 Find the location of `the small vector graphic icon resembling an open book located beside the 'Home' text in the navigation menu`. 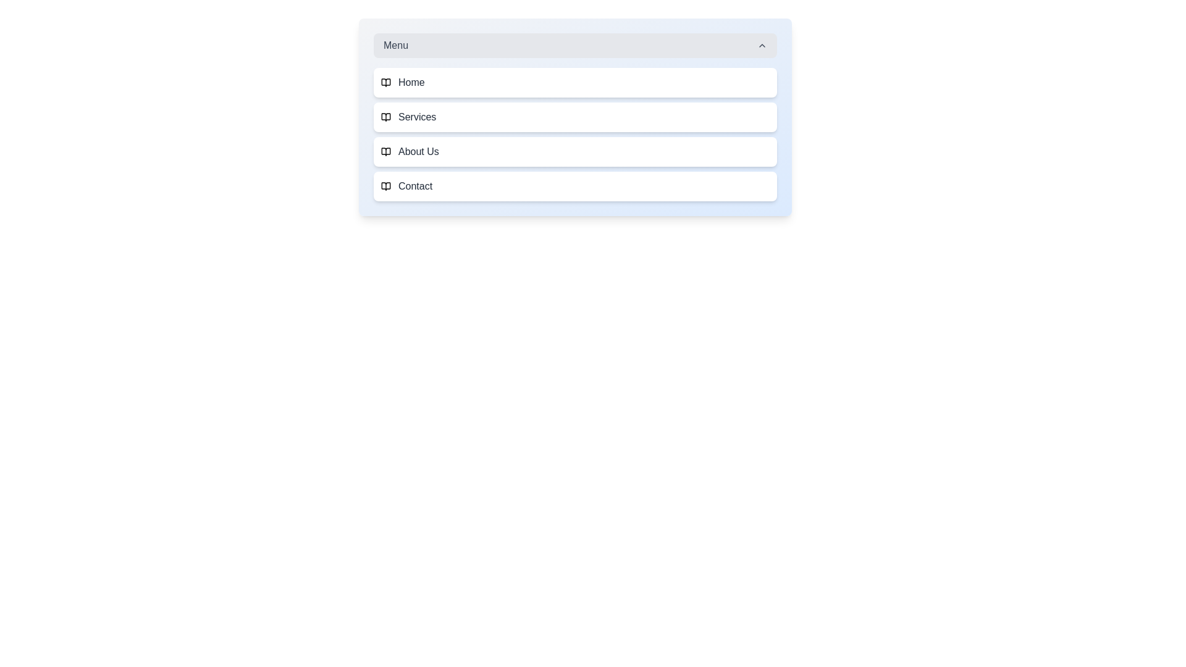

the small vector graphic icon resembling an open book located beside the 'Home' text in the navigation menu is located at coordinates (385, 83).